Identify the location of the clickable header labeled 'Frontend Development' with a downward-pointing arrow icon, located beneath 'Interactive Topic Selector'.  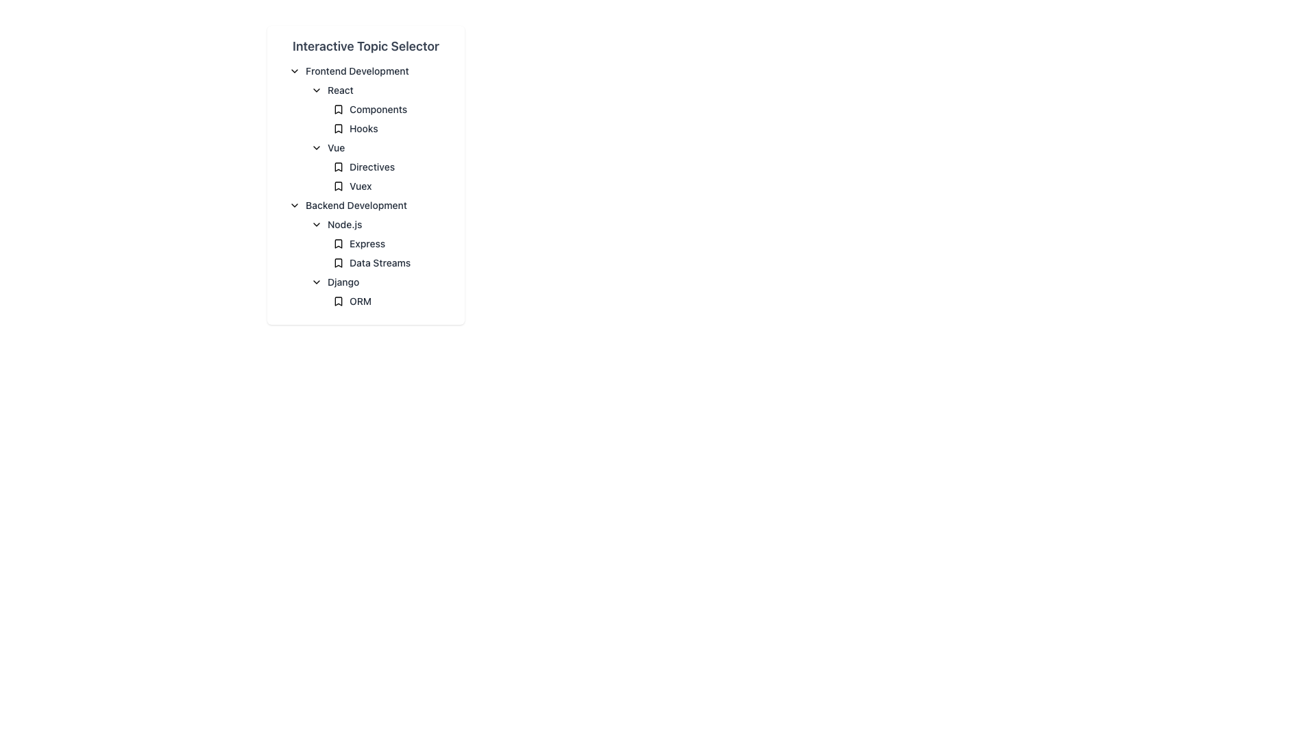
(371, 71).